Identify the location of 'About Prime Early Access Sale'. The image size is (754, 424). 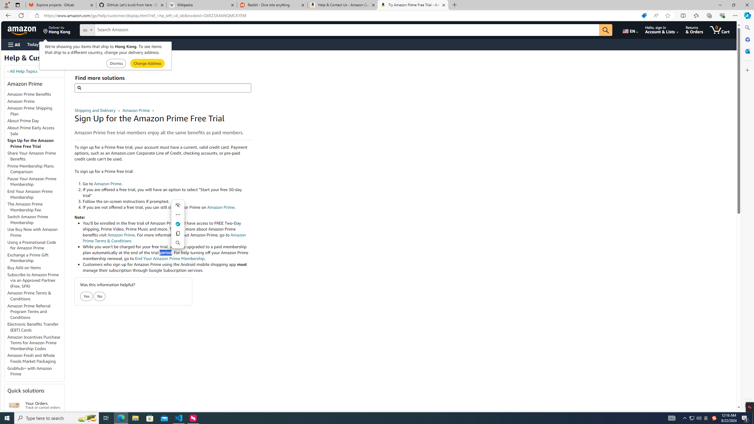
(36, 131).